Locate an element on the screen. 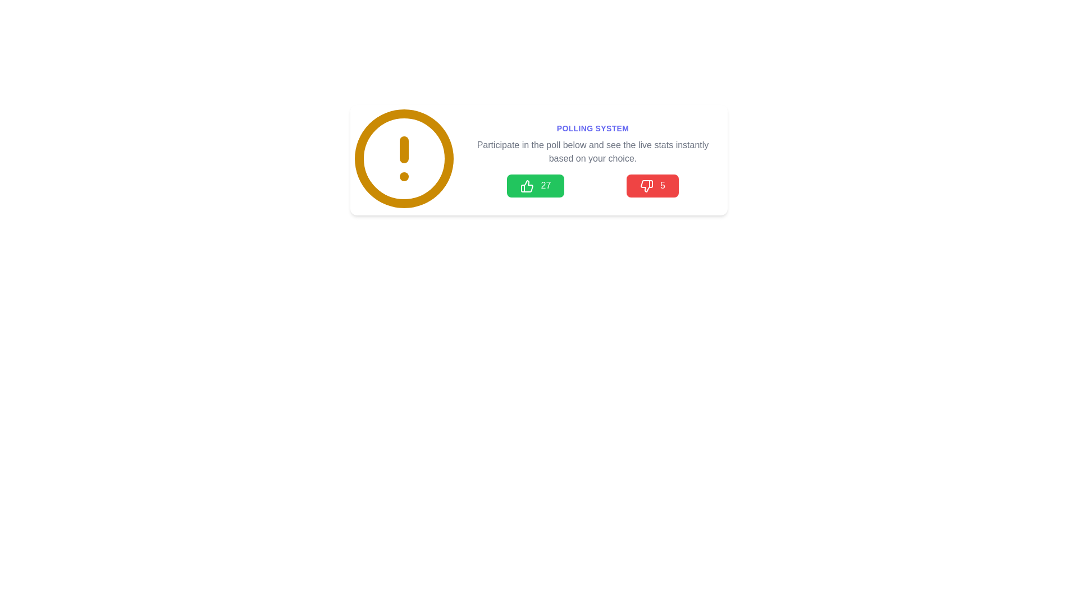  the 'dislike' or 'thumbs down' icon located is located at coordinates (646, 185).